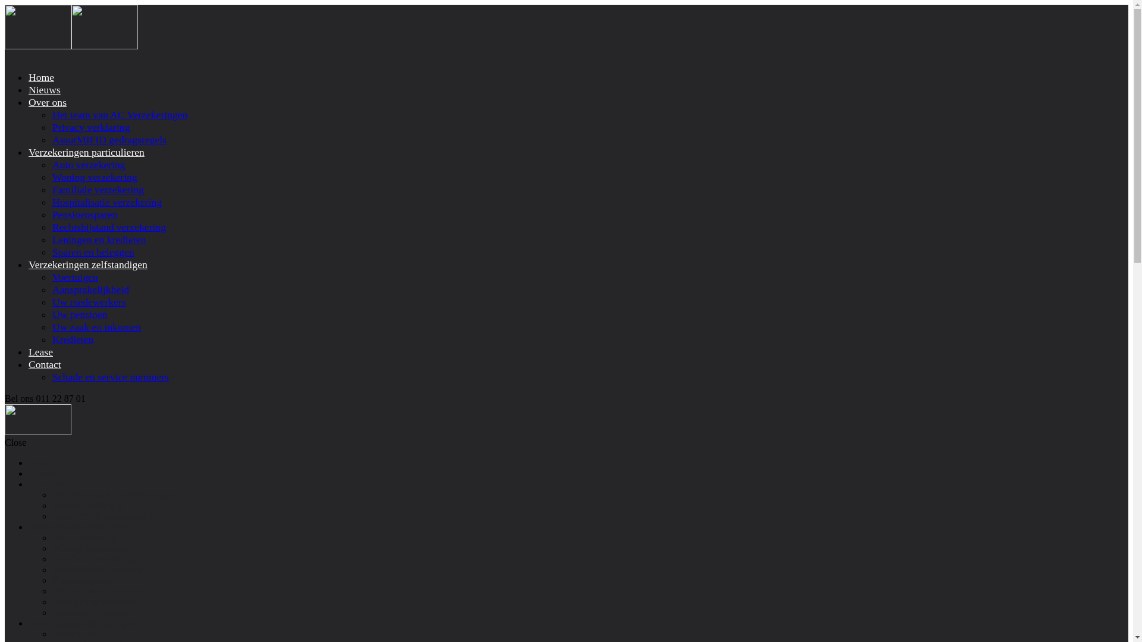 Image resolution: width=1142 pixels, height=642 pixels. I want to click on 'Contact', so click(29, 364).